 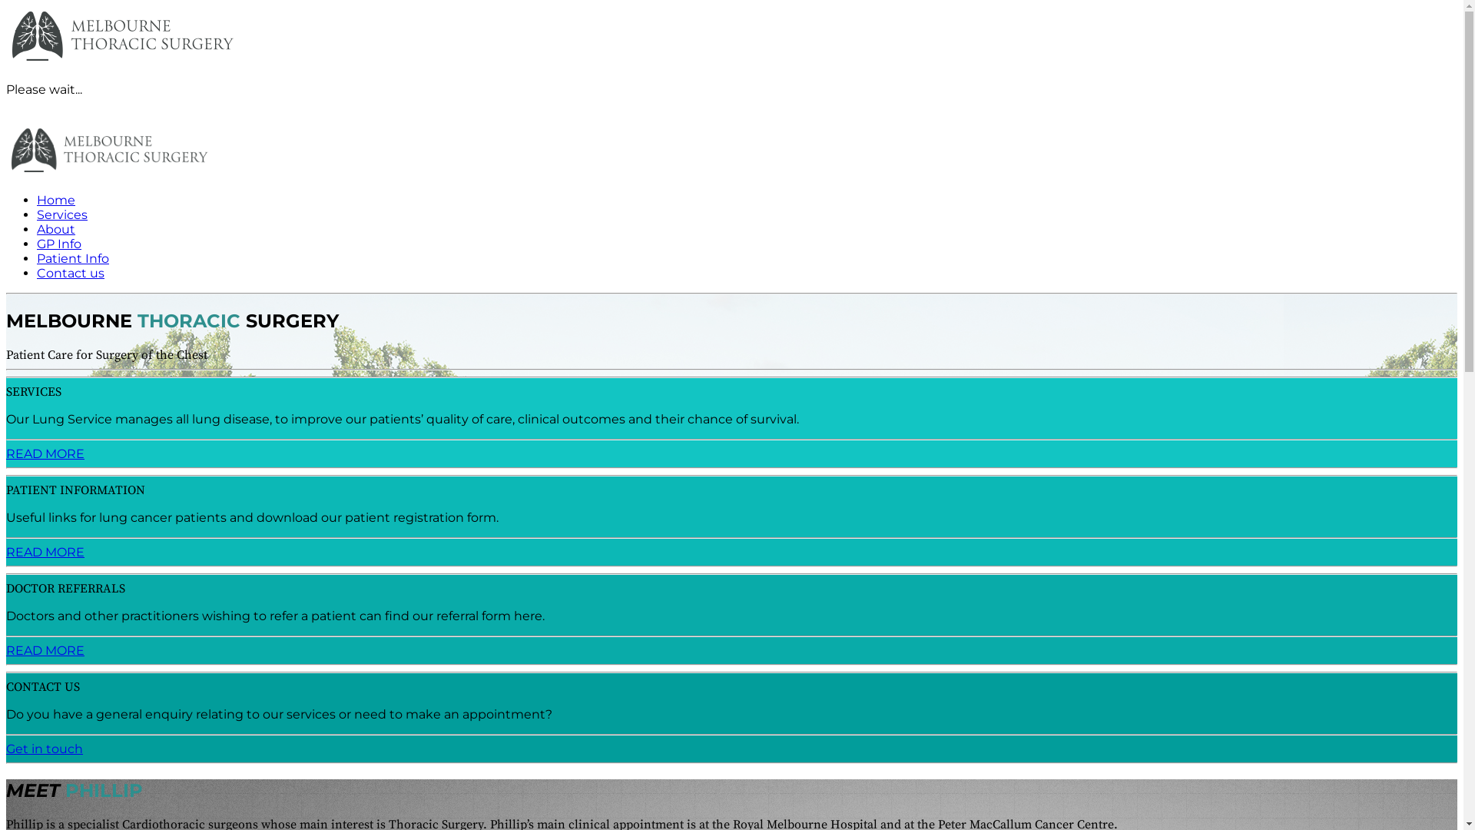 What do you see at coordinates (45, 551) in the screenshot?
I see `'READ MORE'` at bounding box center [45, 551].